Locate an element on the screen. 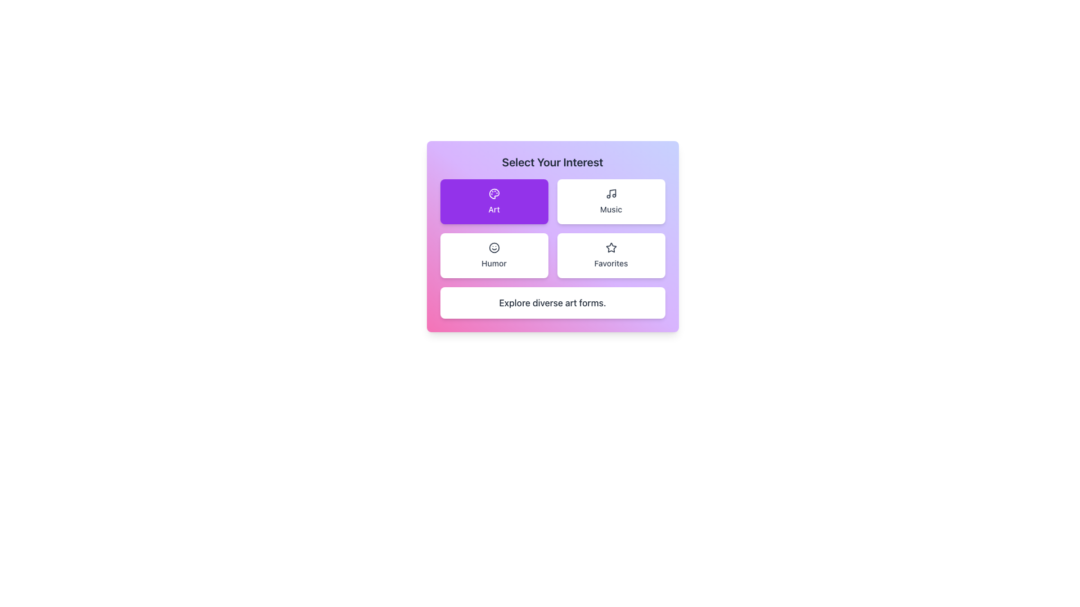 Image resolution: width=1080 pixels, height=607 pixels. the interactive button for selecting 'Art' as an interest category located at the top-left of the grid structure is located at coordinates (494, 201).